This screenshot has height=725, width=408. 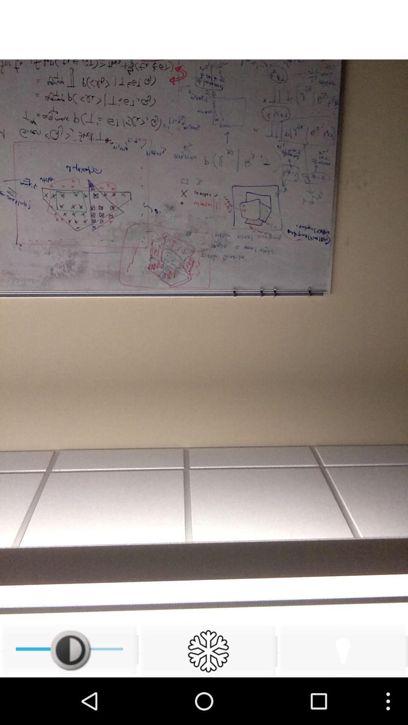 What do you see at coordinates (208, 696) in the screenshot?
I see `the settings icon` at bounding box center [208, 696].